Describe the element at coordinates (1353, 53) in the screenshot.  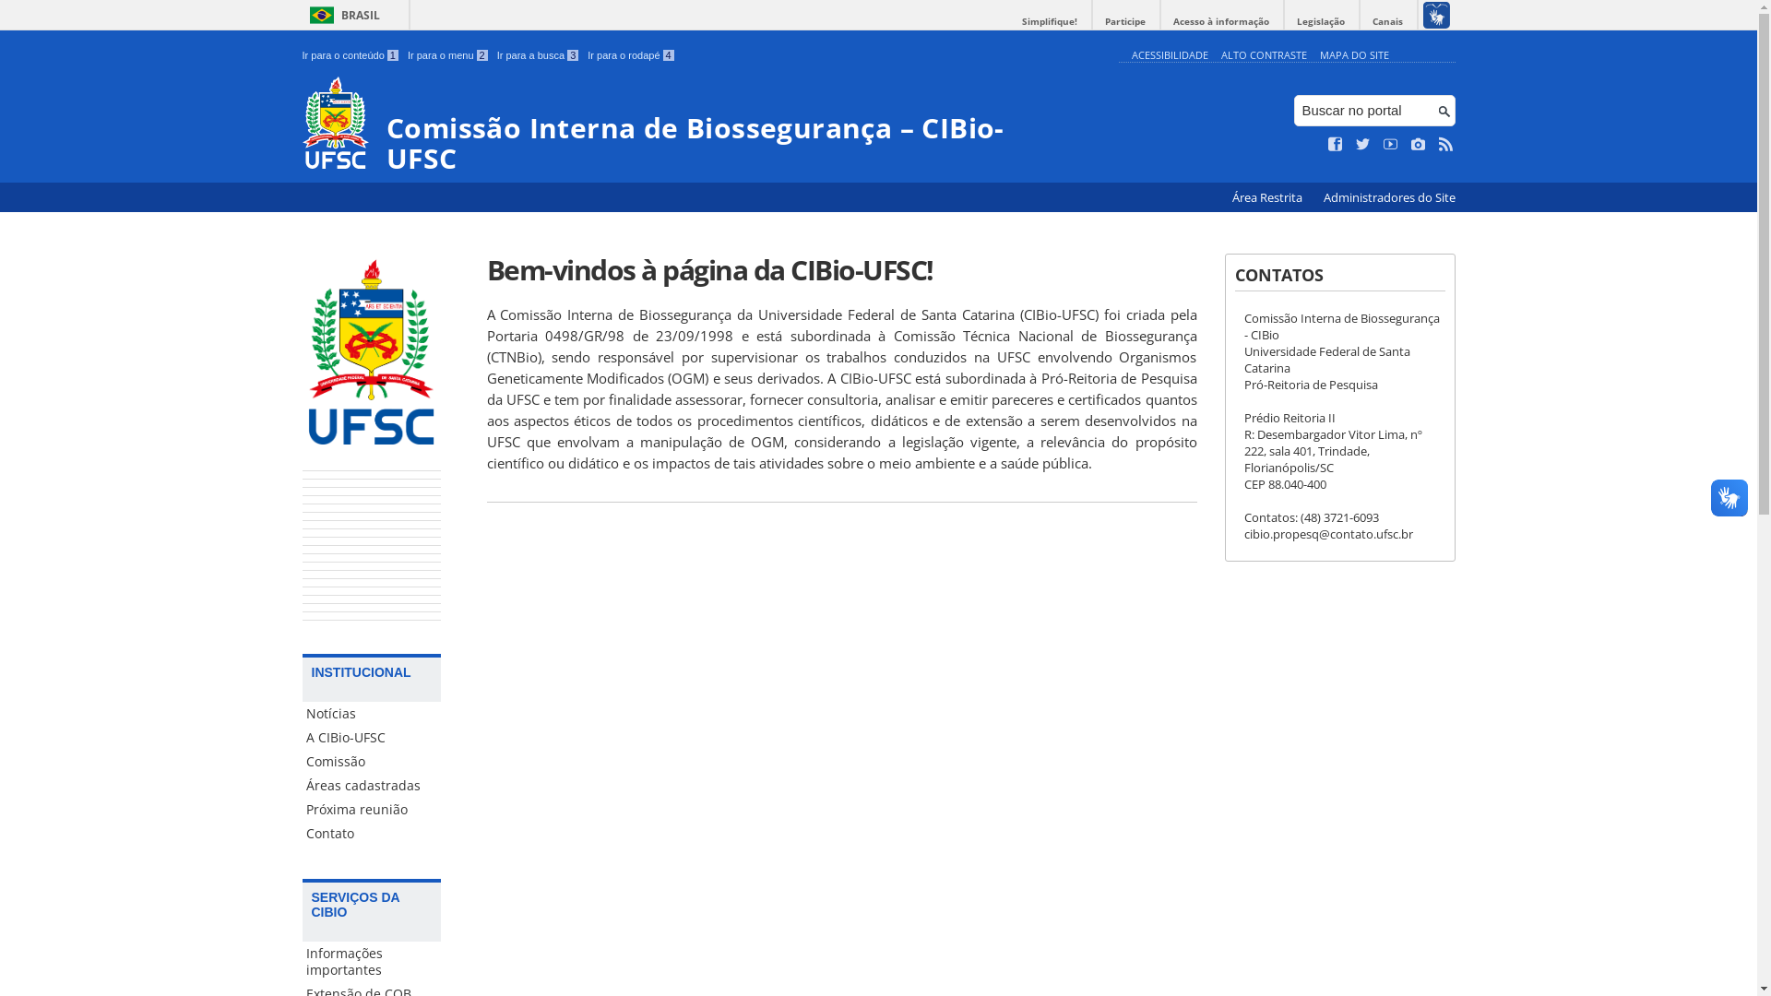
I see `'MAPA DO SITE'` at that location.